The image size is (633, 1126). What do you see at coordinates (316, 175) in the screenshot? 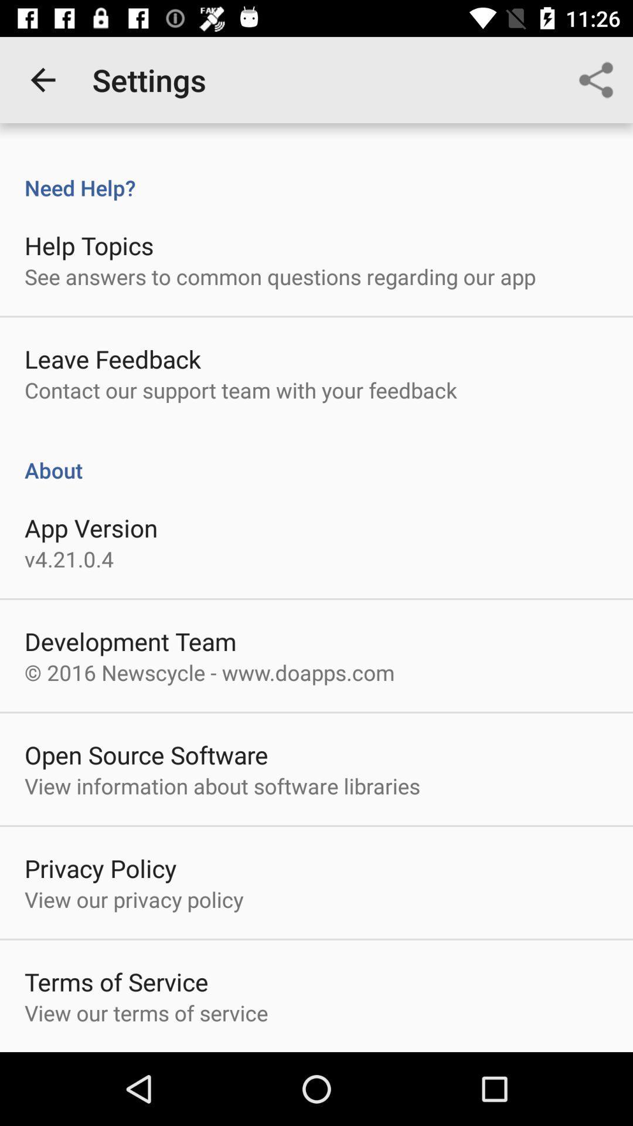
I see `icon above help topics item` at bounding box center [316, 175].